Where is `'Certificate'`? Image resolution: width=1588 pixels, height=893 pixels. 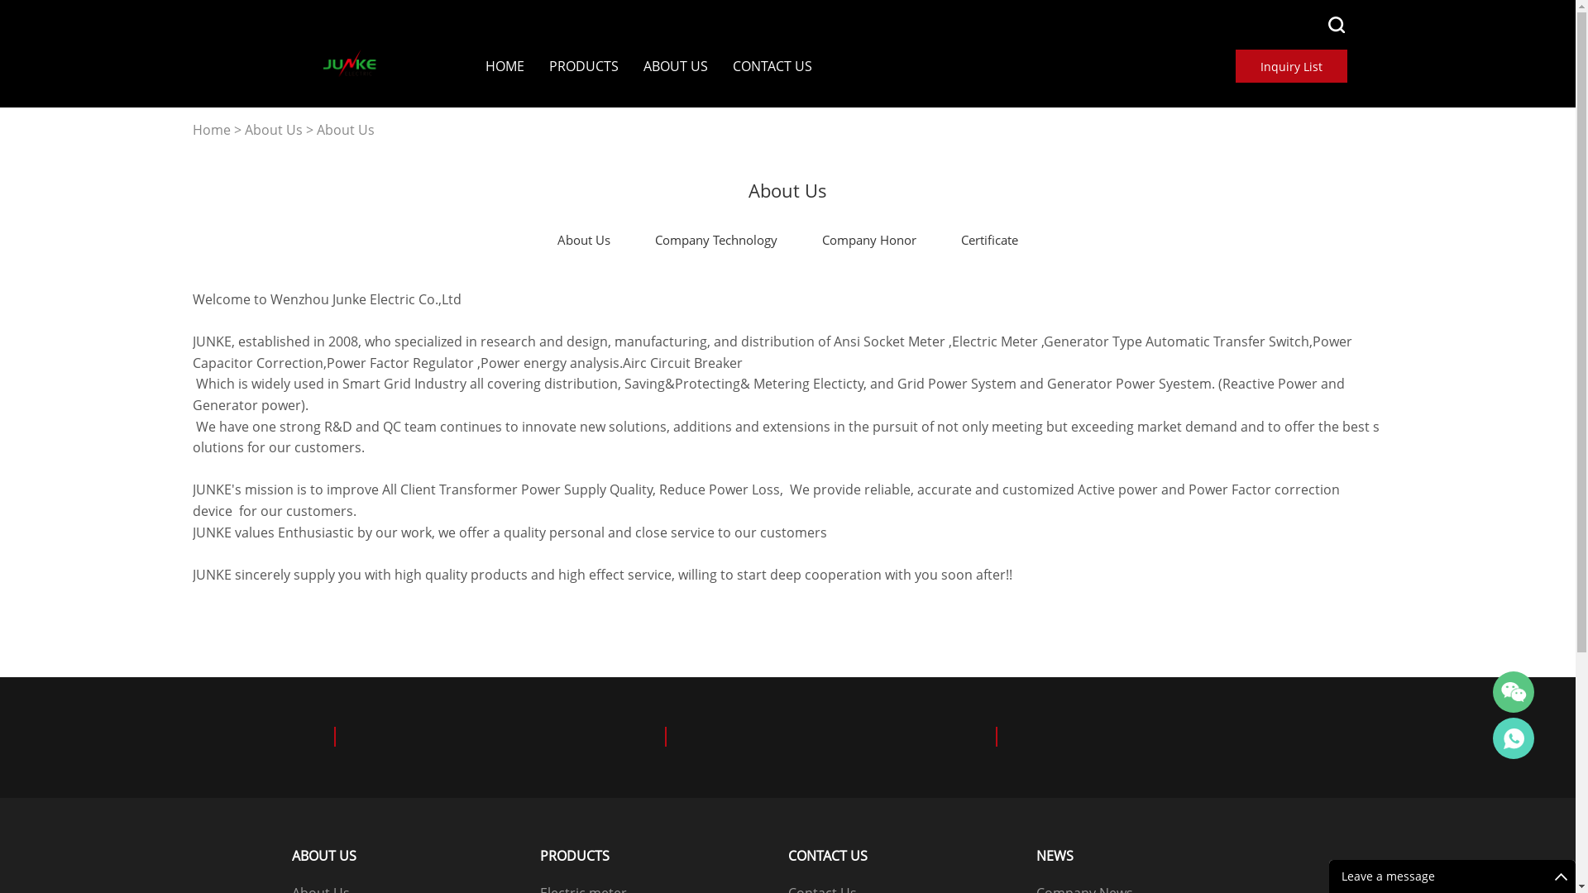
'Certificate' is located at coordinates (989, 239).